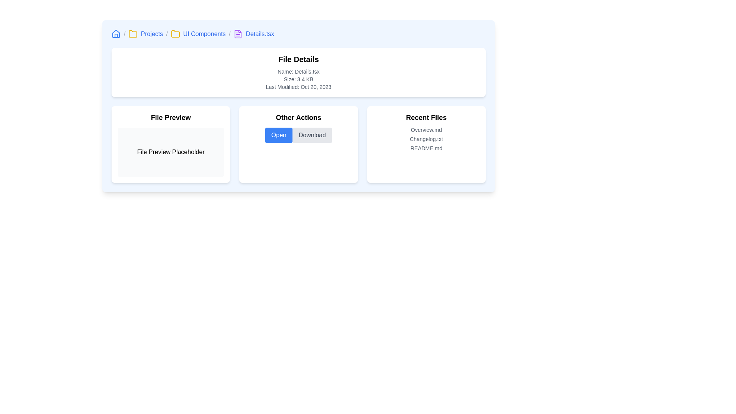  What do you see at coordinates (175, 33) in the screenshot?
I see `the inner area of the yellow folder icon in the breadcrumb navigation bar, which represents part of the folder graphic` at bounding box center [175, 33].